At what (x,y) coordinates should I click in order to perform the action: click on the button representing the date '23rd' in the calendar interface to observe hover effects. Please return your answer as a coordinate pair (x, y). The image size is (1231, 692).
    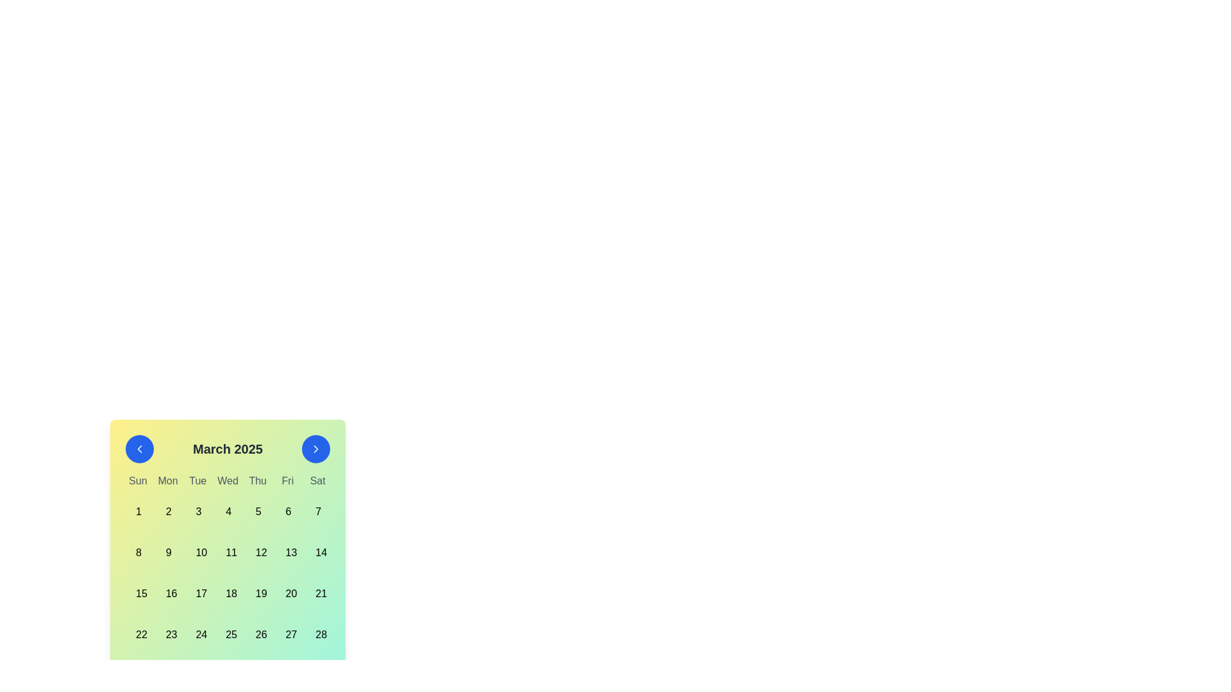
    Looking at the image, I should click on (167, 635).